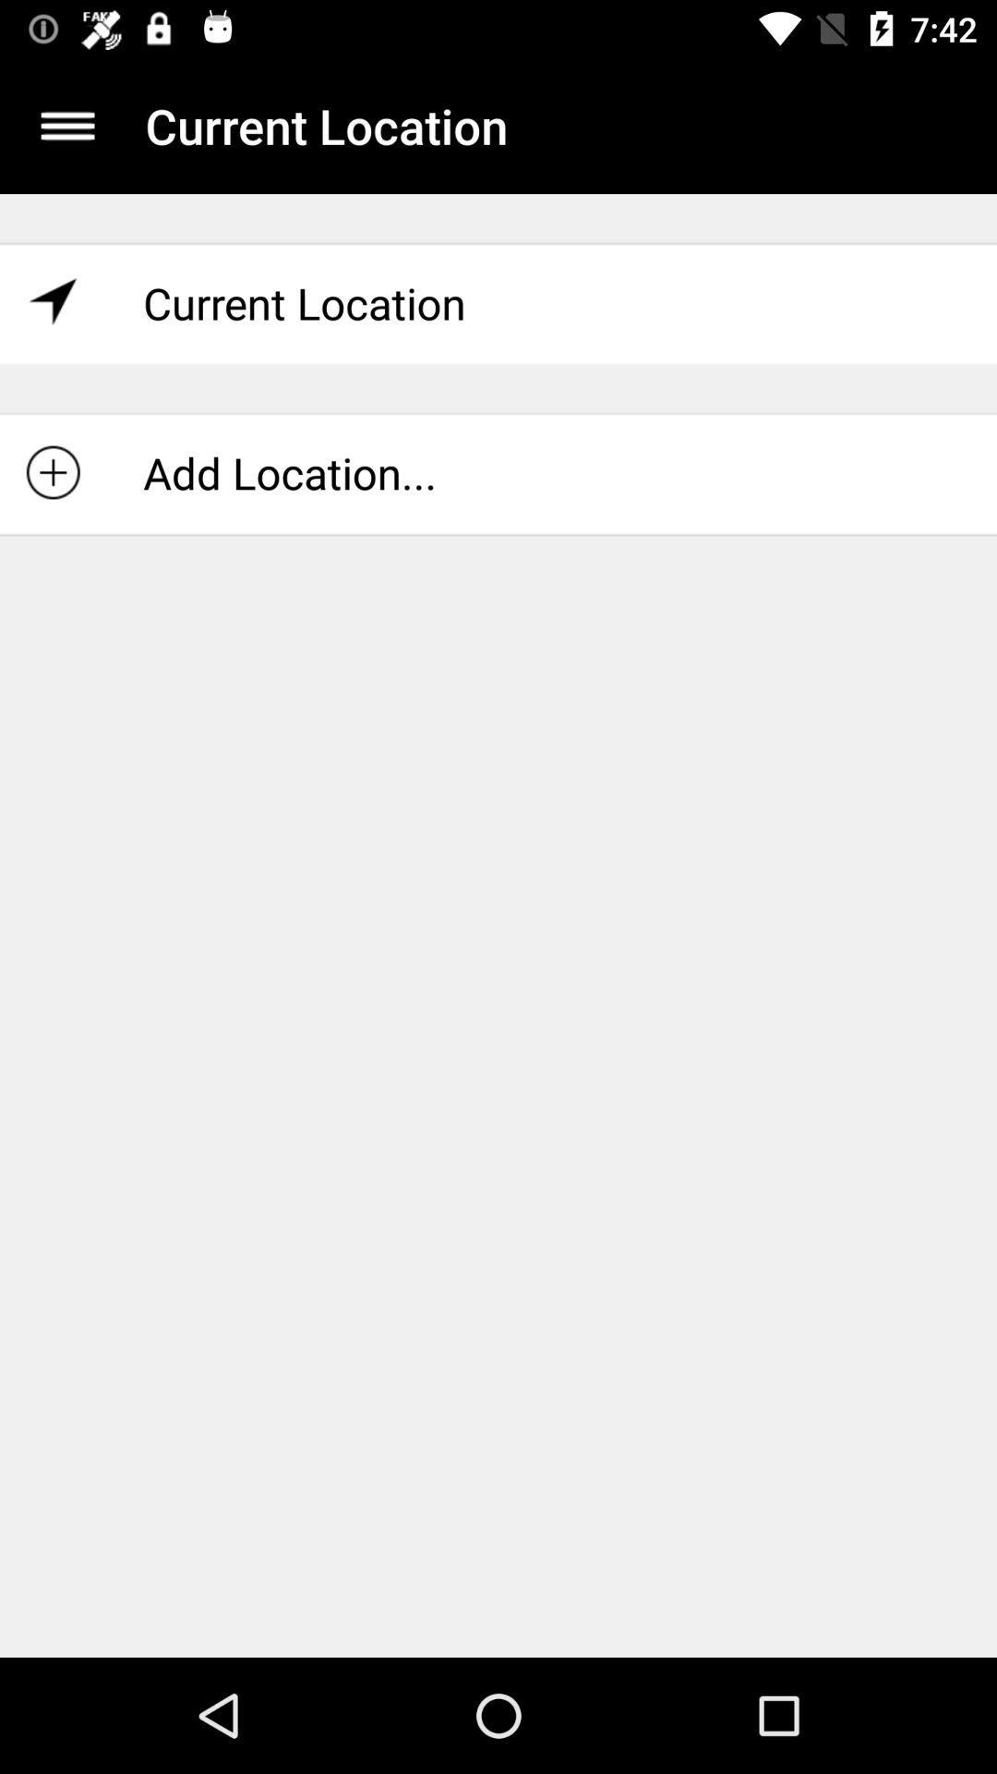  Describe the element at coordinates (66, 125) in the screenshot. I see `the menu icon` at that location.